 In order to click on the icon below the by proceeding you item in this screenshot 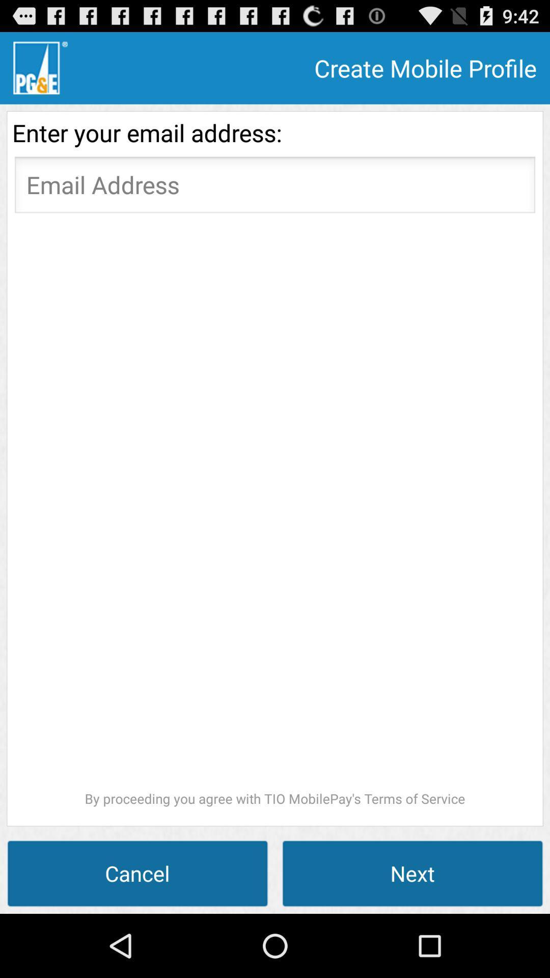, I will do `click(137, 873)`.